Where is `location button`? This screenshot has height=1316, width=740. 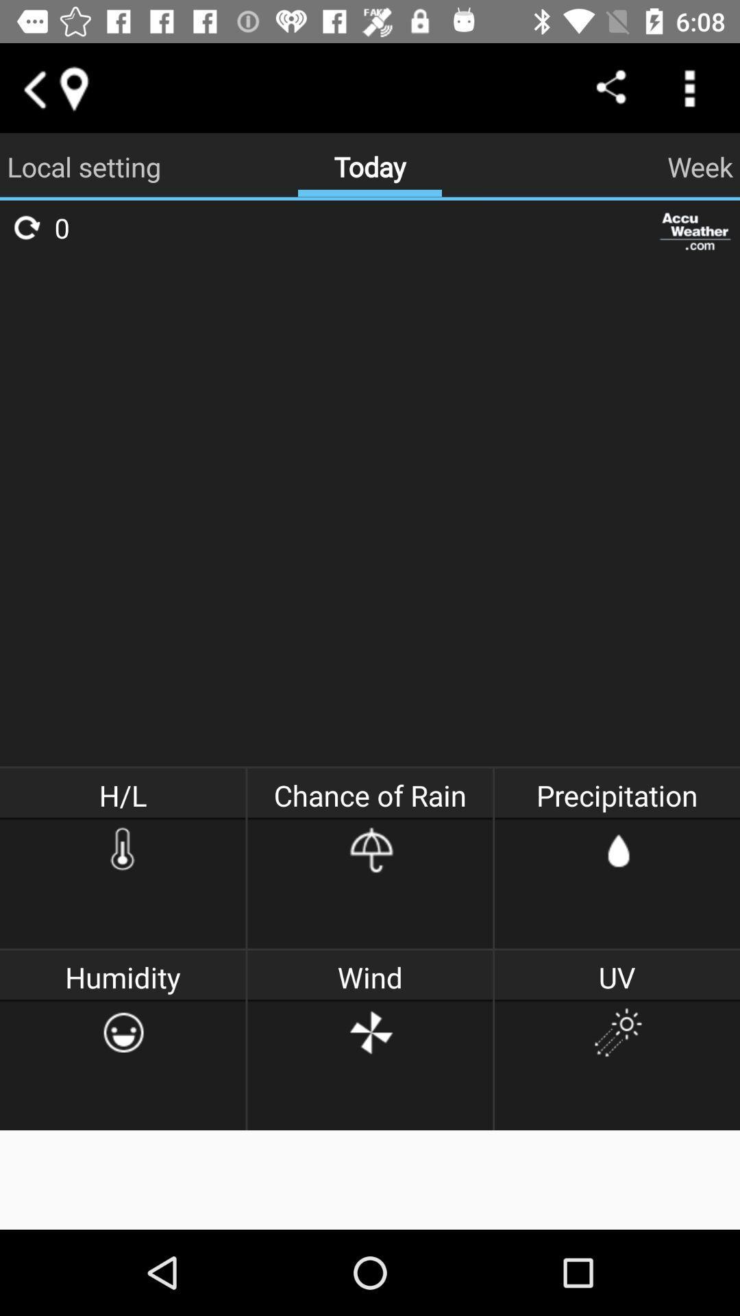 location button is located at coordinates (73, 87).